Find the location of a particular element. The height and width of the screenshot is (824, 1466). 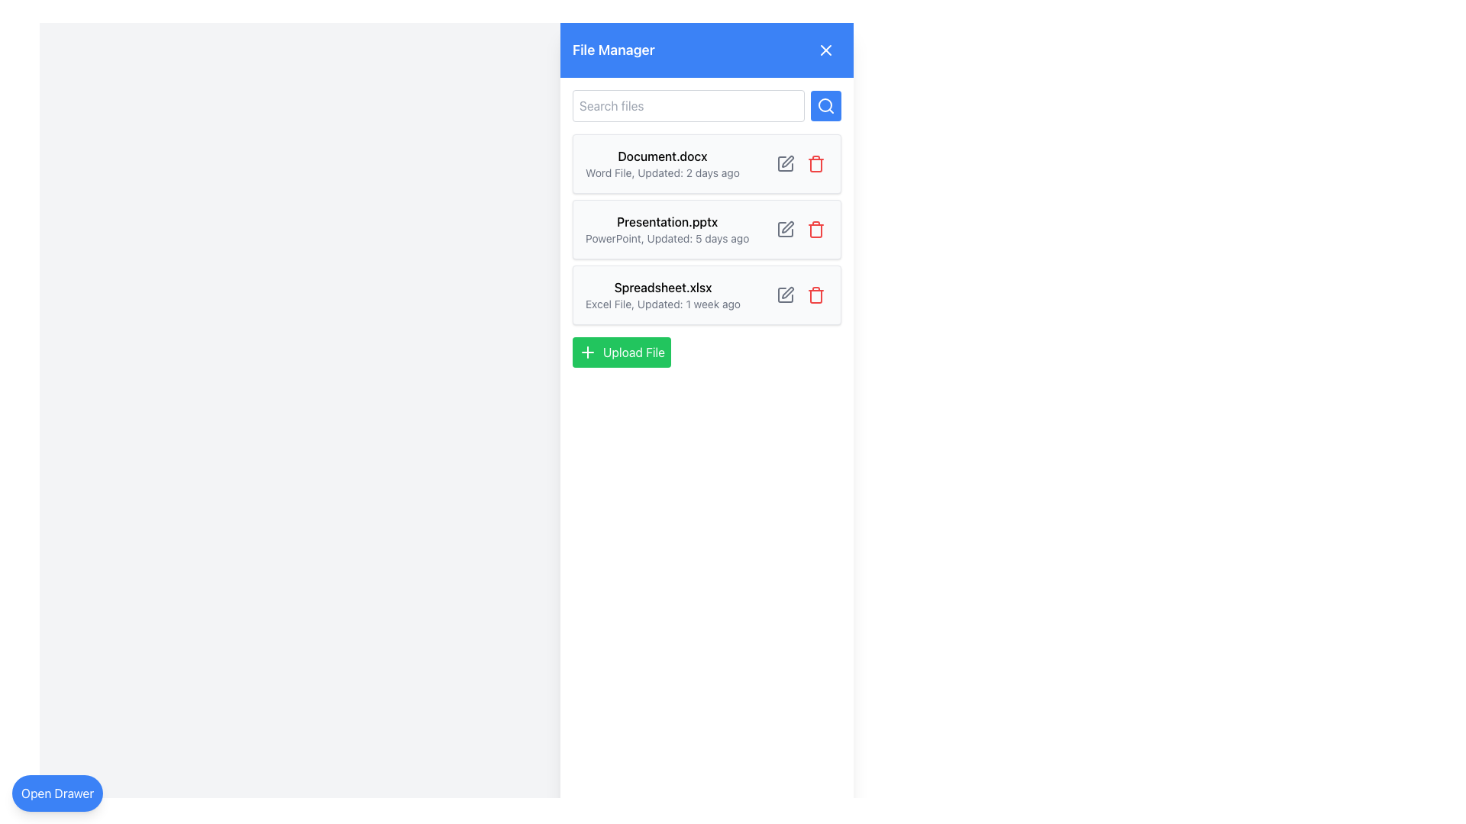

the search button located to the right of the 'Search files' input field is located at coordinates (825, 105).